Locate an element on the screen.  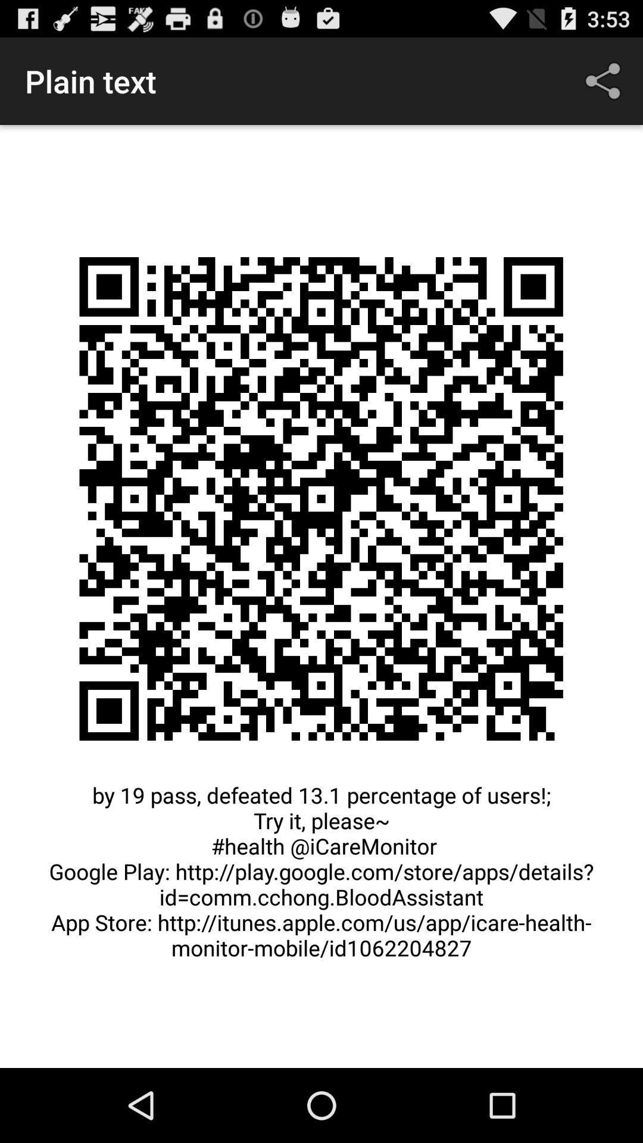
item to the right of plain text item is located at coordinates (605, 80).